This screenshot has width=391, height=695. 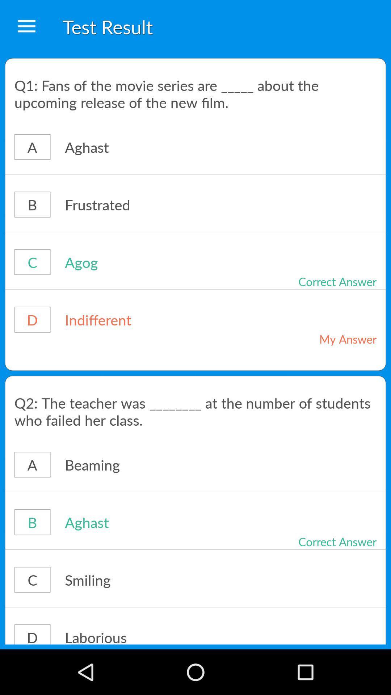 What do you see at coordinates (26, 26) in the screenshot?
I see `the item to the left of test result icon` at bounding box center [26, 26].